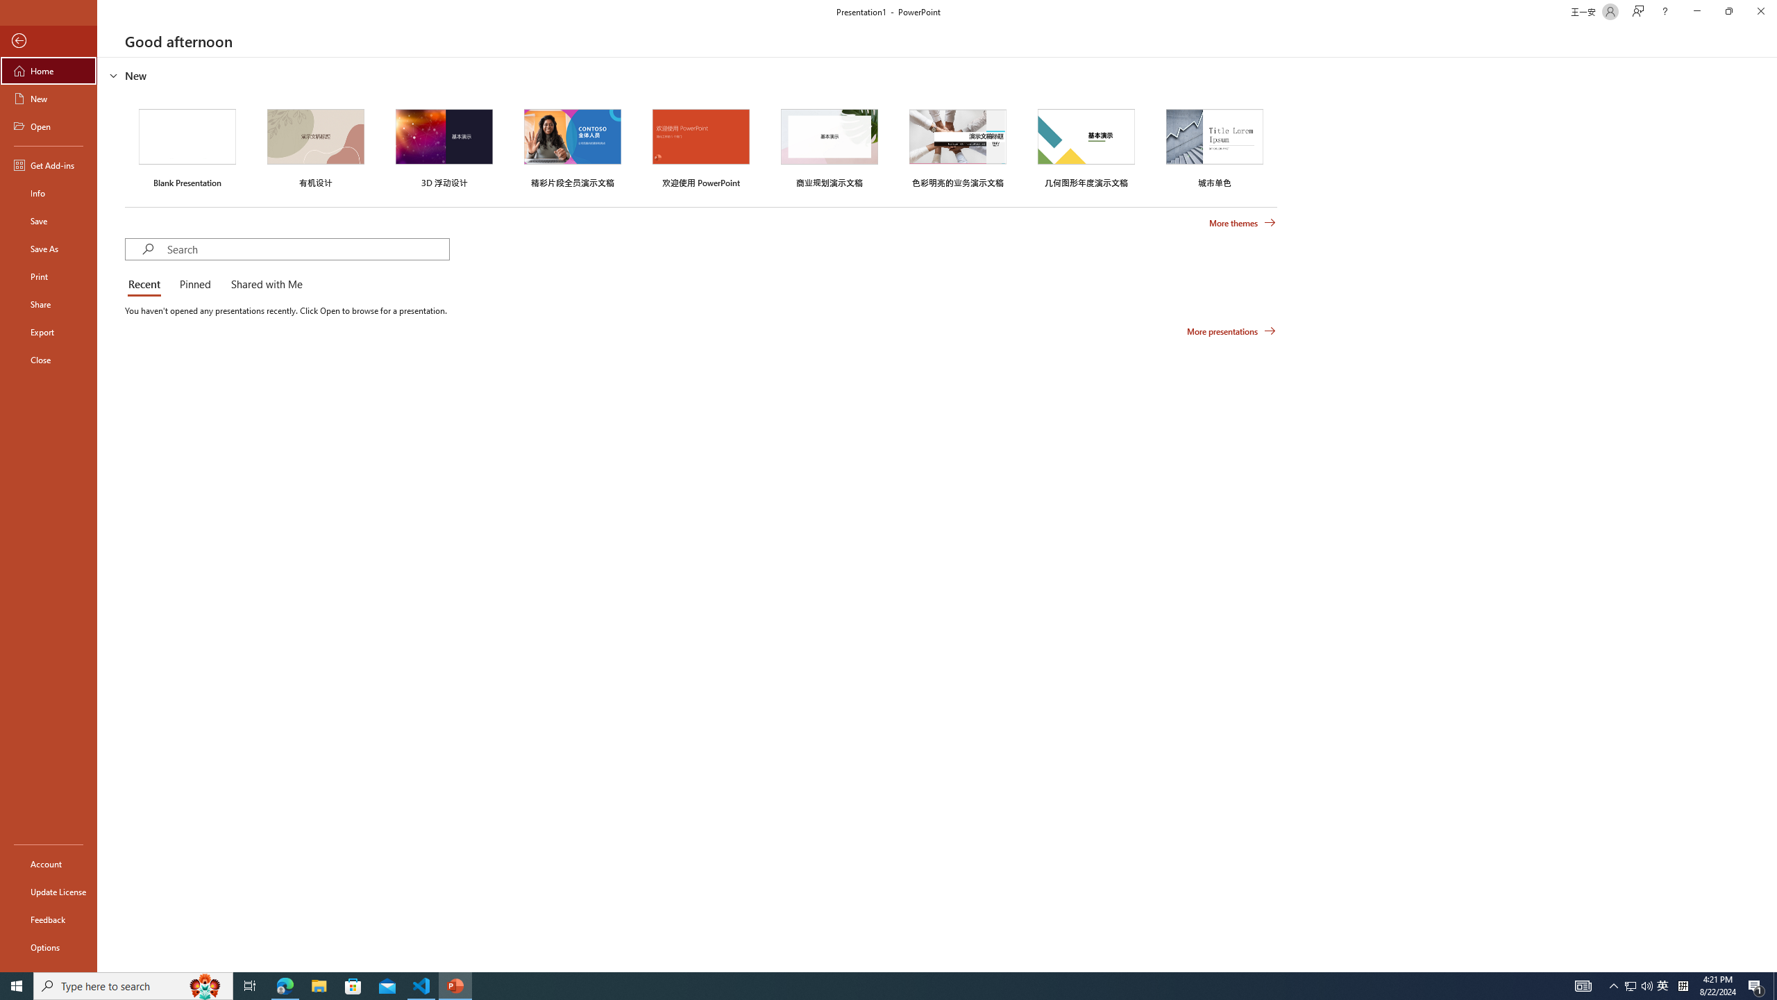 The width and height of the screenshot is (1777, 1000). I want to click on 'More presentations', so click(1231, 330).